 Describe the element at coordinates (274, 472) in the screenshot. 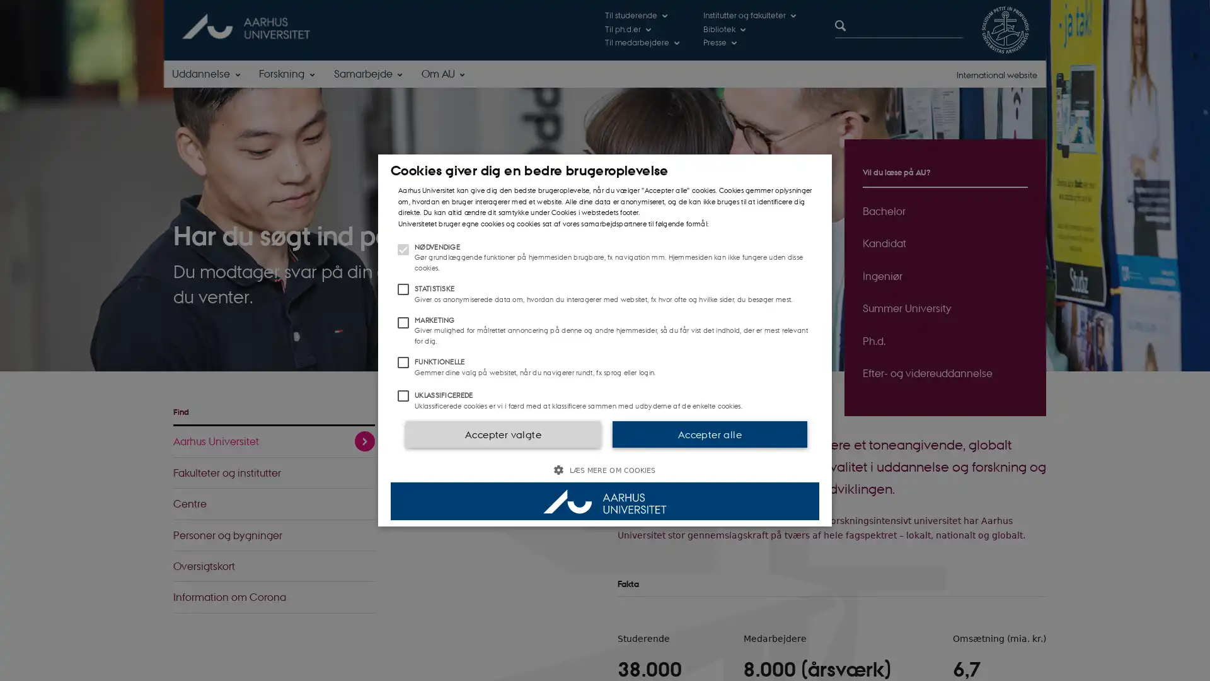

I see `Fakulteter og institutter` at that location.